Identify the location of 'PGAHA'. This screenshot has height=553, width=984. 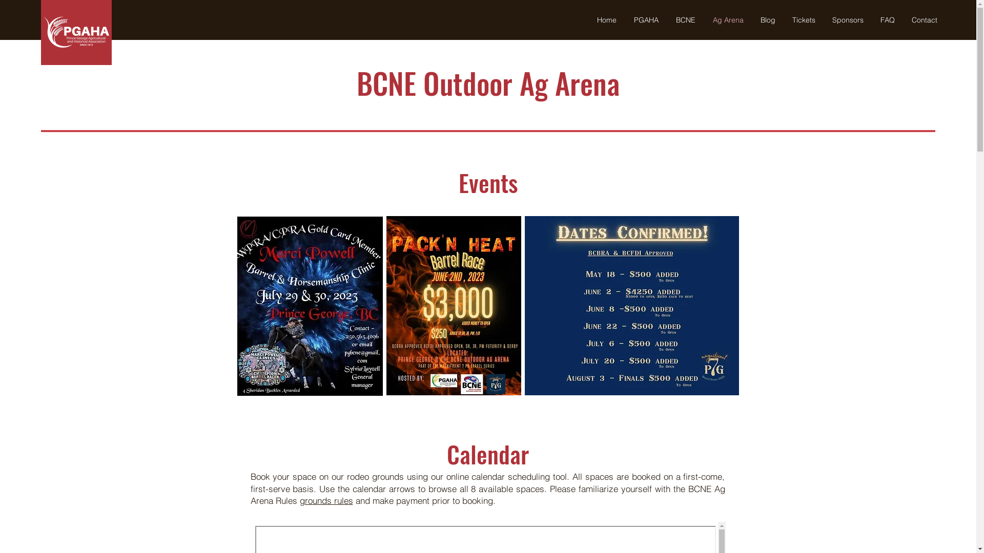
(646, 19).